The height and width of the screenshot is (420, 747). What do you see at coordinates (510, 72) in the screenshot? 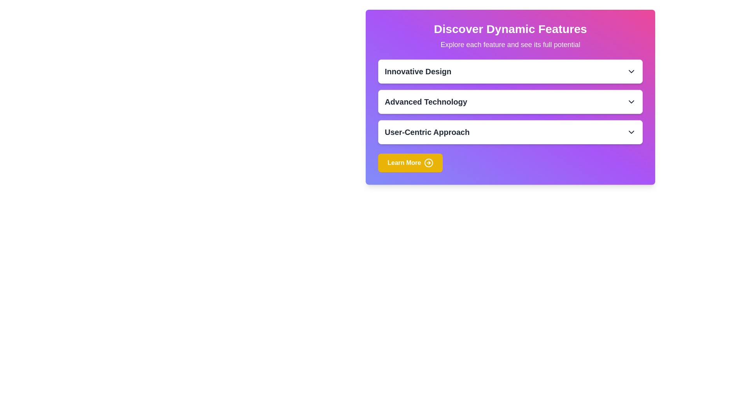
I see `the 'Innovative Design' dropdown toggle, which is the first item in a vertical list` at bounding box center [510, 72].